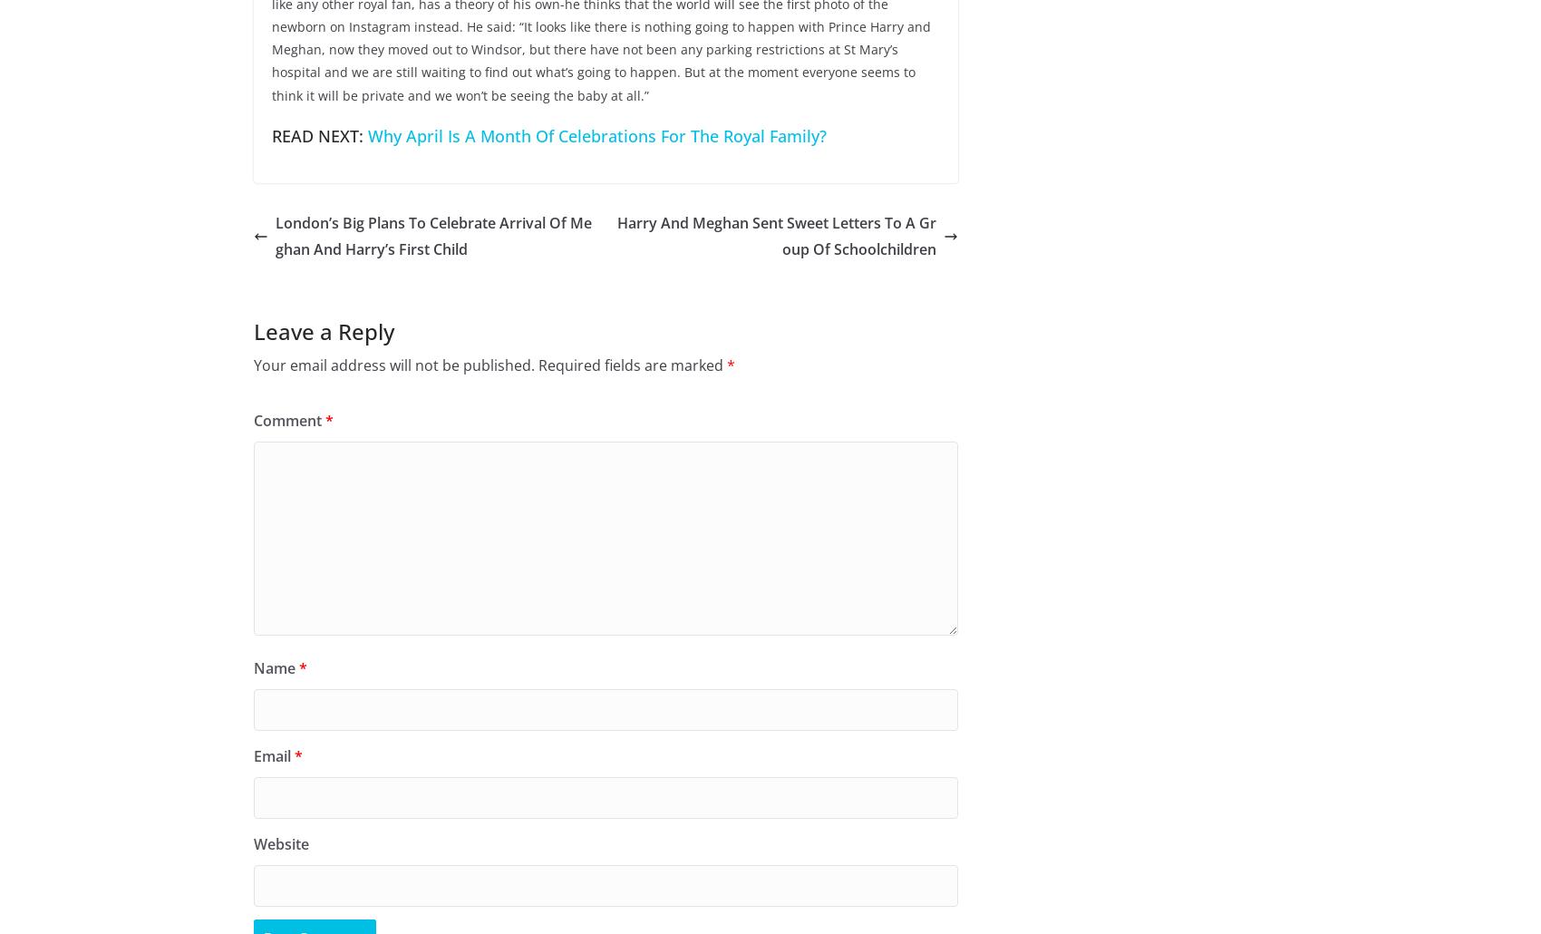 This screenshot has height=934, width=1541. What do you see at coordinates (776, 235) in the screenshot?
I see `'Harry And Meghan Sent Sweet Letters To A Group Of Schoolchildren'` at bounding box center [776, 235].